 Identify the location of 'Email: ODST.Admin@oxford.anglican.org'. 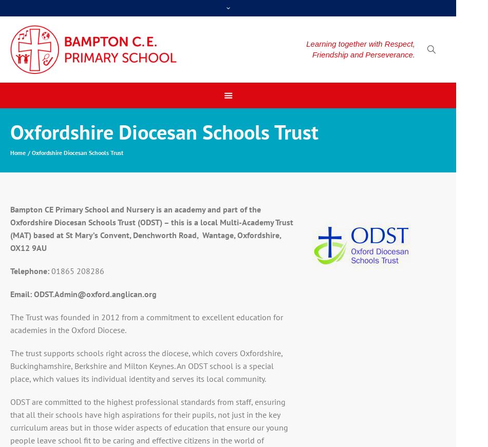
(83, 294).